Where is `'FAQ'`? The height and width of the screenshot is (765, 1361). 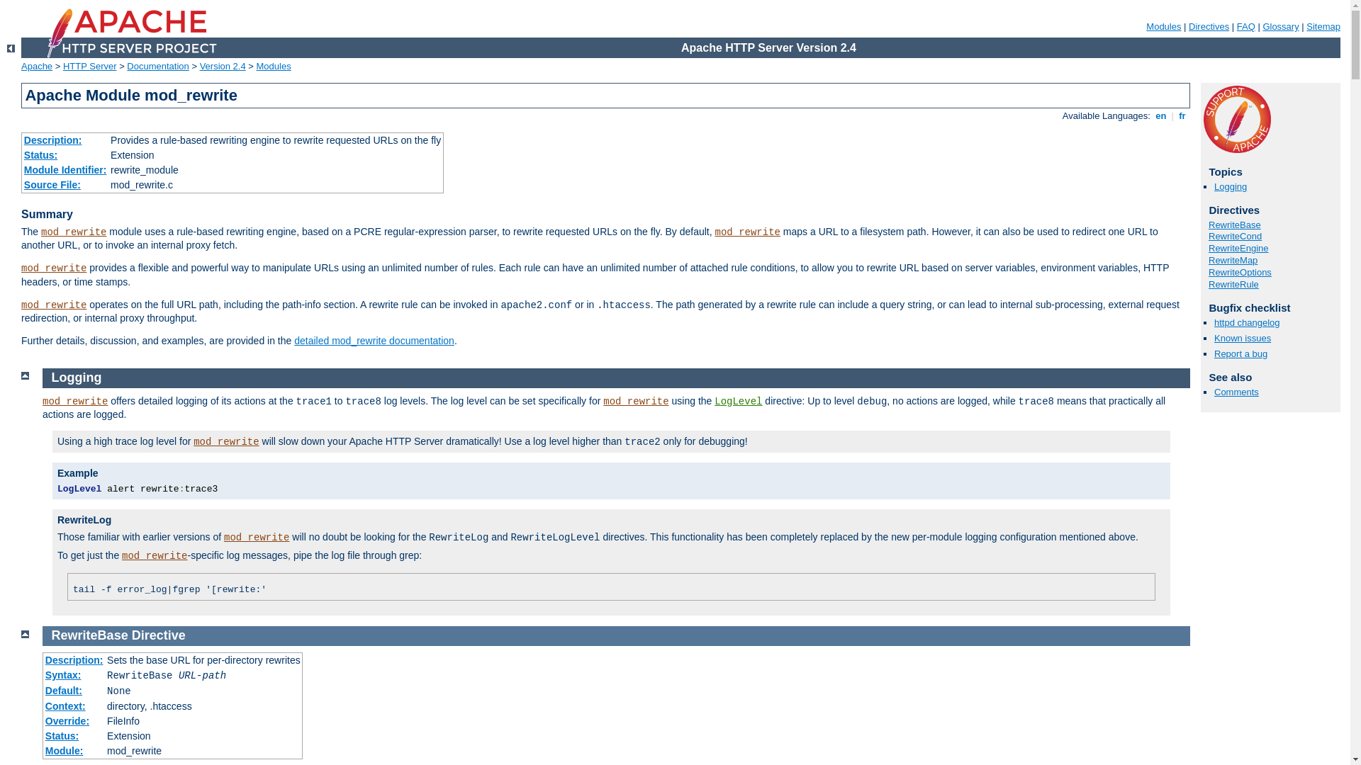 'FAQ' is located at coordinates (1236, 26).